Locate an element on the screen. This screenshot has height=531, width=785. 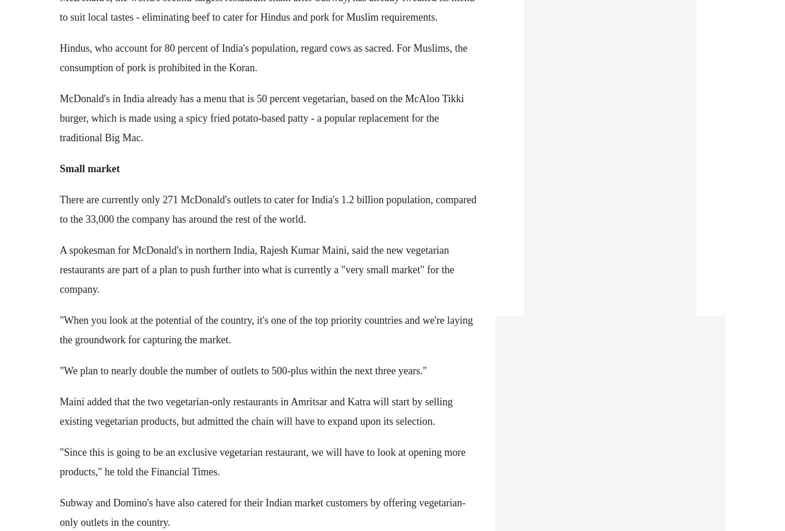
'A spokesman for McDonald's in northern India, Rajesh Kumar Maini, said the new vegetarian restaurants are part of a plan to push further into what is currently a "very small market" for the company.' is located at coordinates (256, 269).